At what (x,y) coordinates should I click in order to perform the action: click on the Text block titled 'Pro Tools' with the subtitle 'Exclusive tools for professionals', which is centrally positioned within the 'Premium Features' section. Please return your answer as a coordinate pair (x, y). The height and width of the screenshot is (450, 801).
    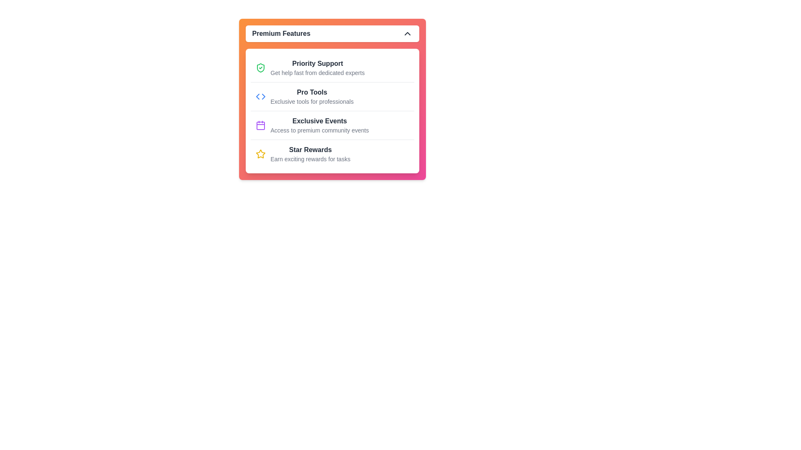
    Looking at the image, I should click on (312, 96).